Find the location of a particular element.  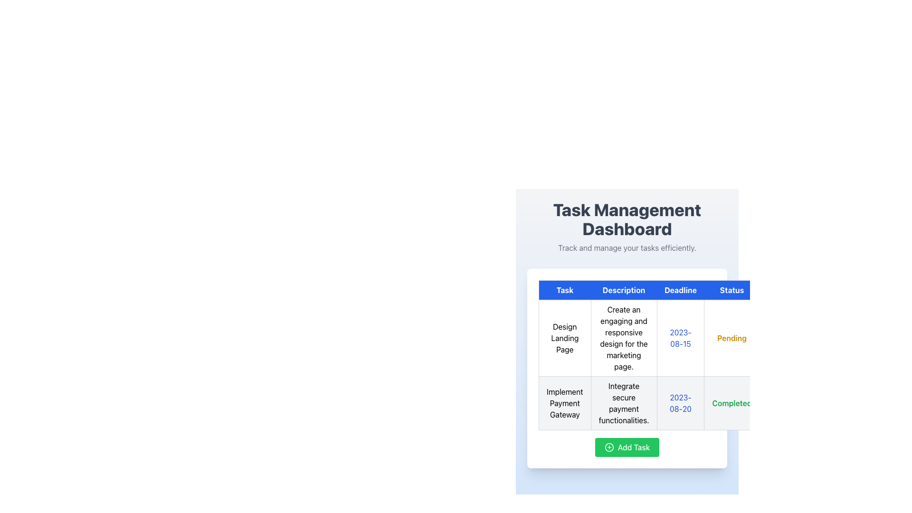

the task title cell in the task management table, which is the first cell in the second row under the 'Task' column is located at coordinates (565, 403).